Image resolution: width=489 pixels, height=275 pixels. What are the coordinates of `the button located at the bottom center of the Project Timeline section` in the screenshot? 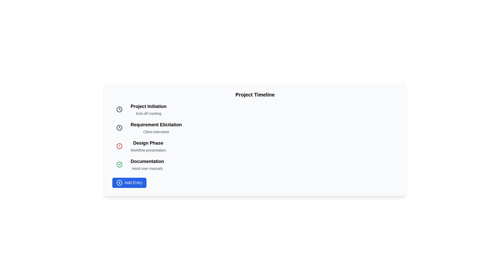 It's located at (129, 182).